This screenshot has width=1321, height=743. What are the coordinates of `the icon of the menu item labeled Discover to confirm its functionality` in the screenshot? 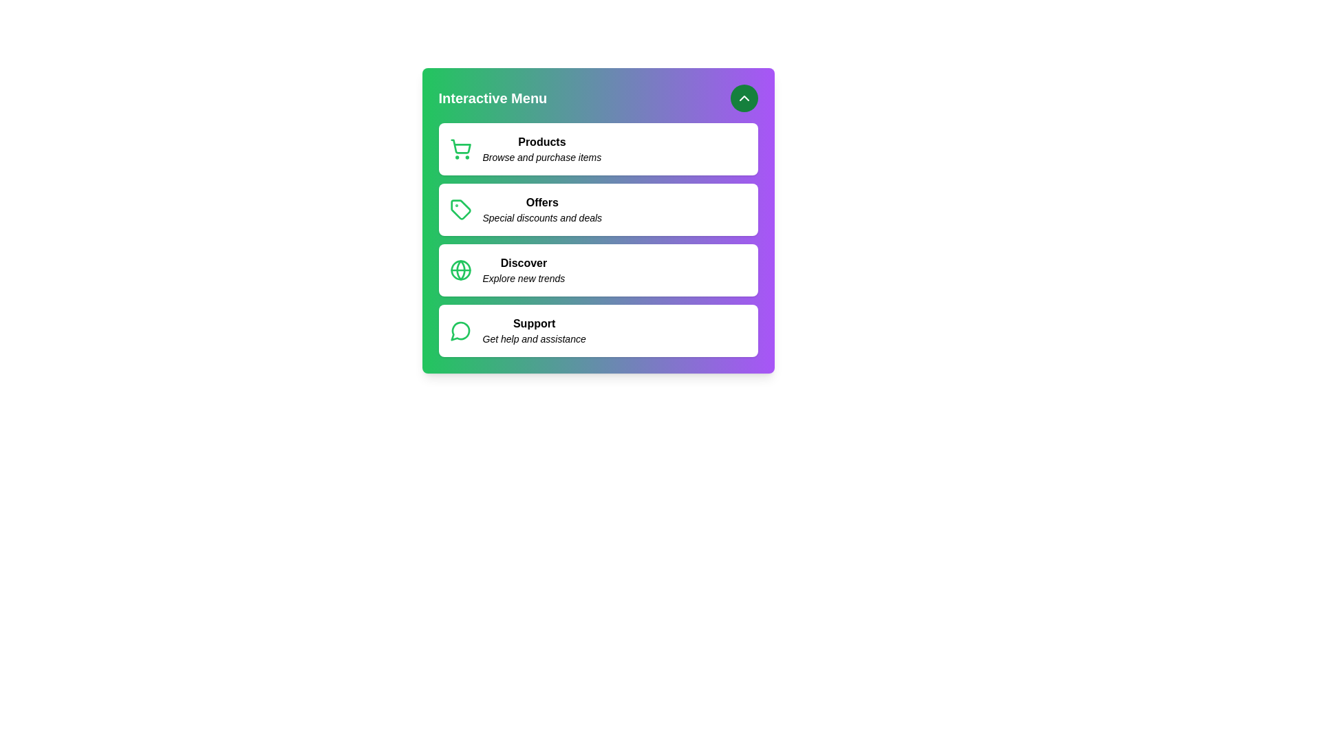 It's located at (460, 270).